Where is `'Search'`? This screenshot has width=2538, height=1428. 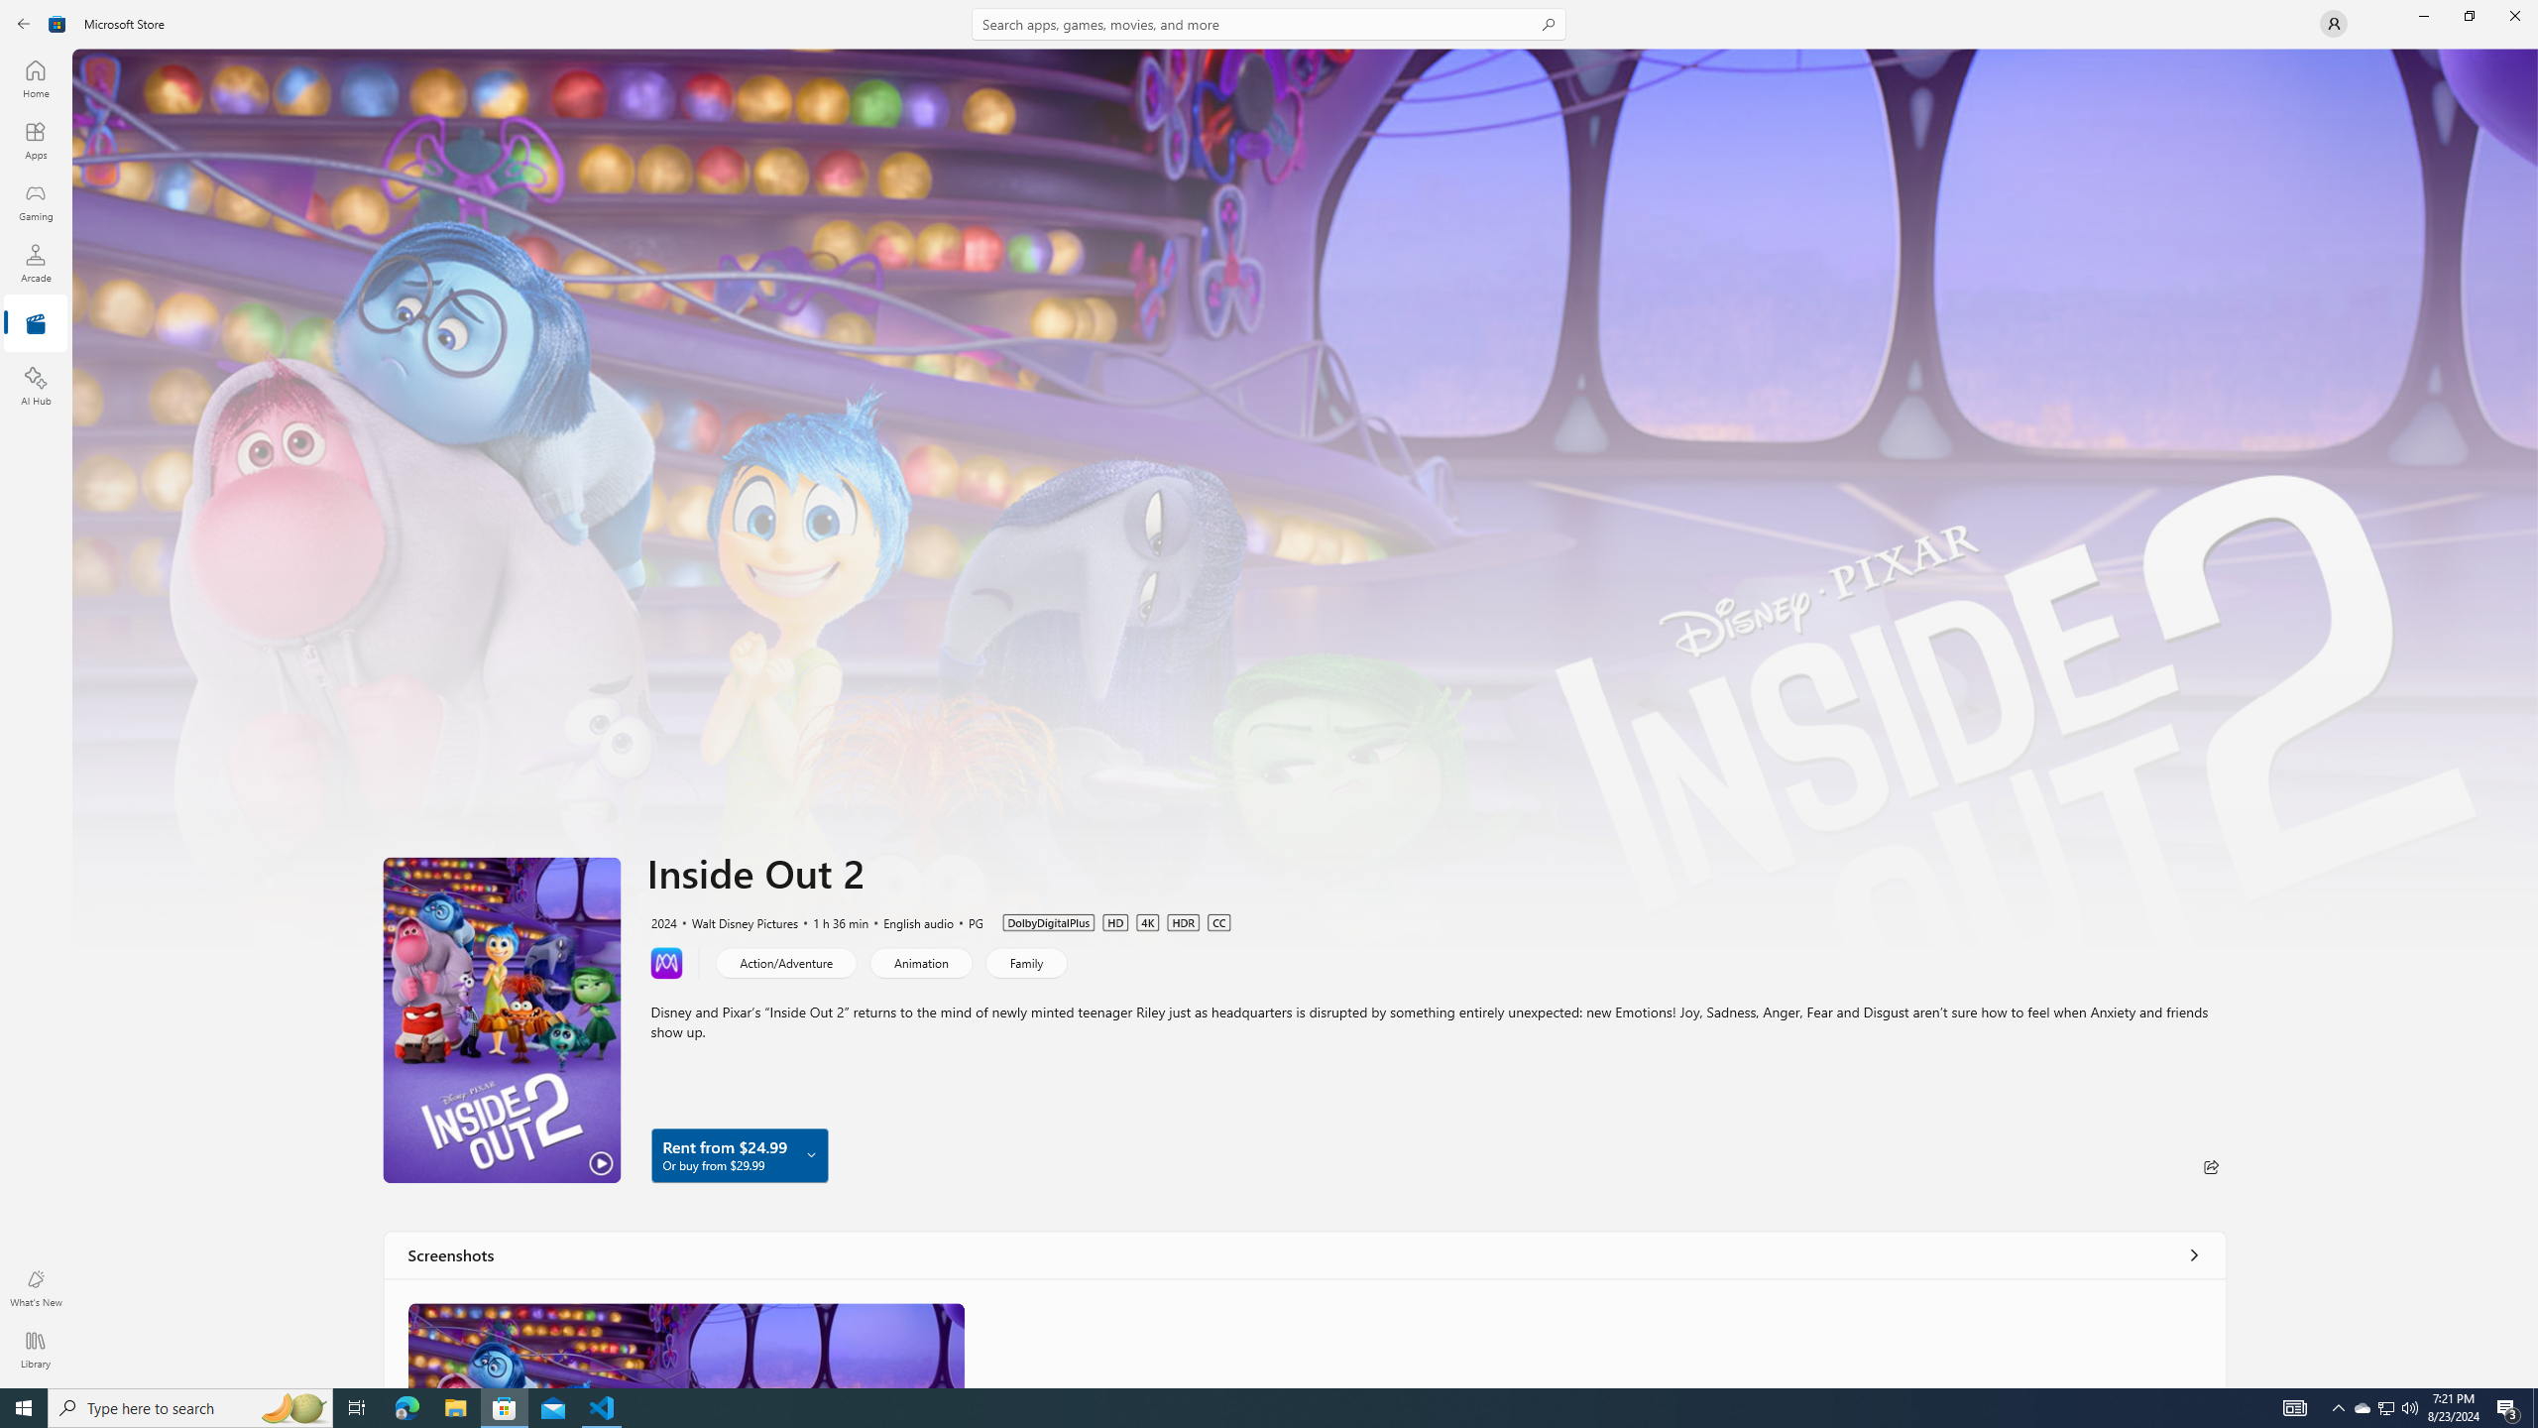 'Search' is located at coordinates (1269, 23).